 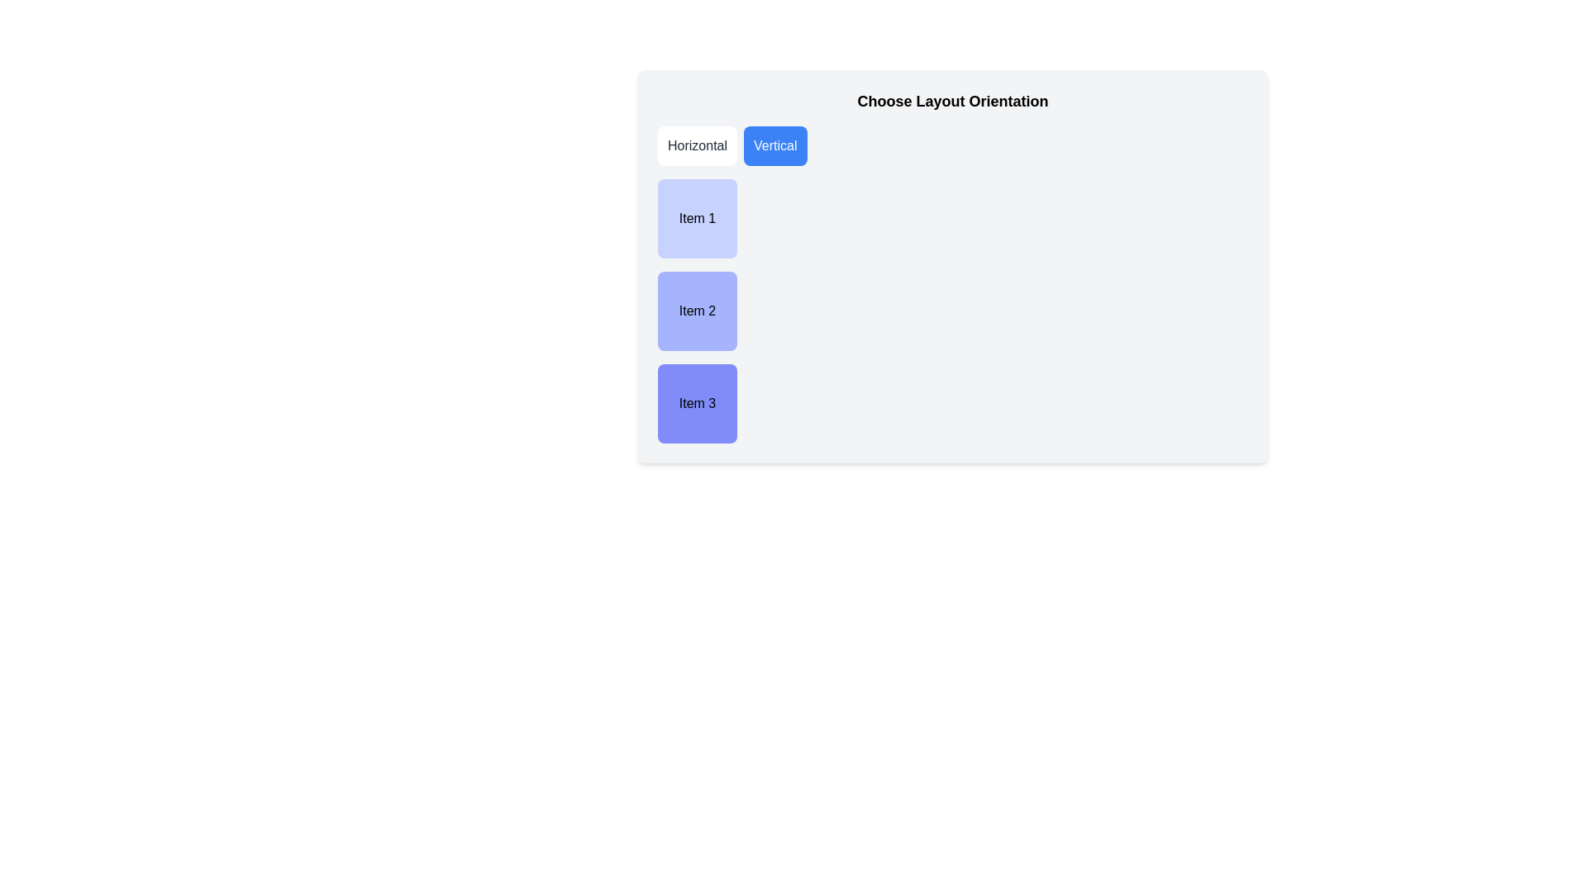 What do you see at coordinates (774, 145) in the screenshot?
I see `the 'Vertical' button with a blue background and white text` at bounding box center [774, 145].